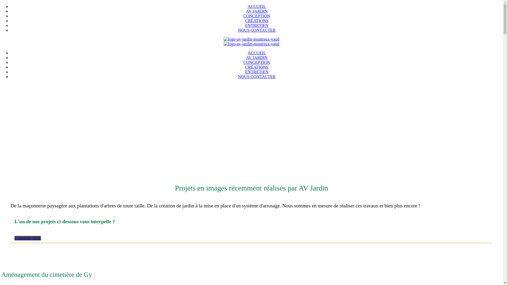 The height and width of the screenshot is (285, 507). I want to click on 'NOUS CONTACTER', so click(256, 77).